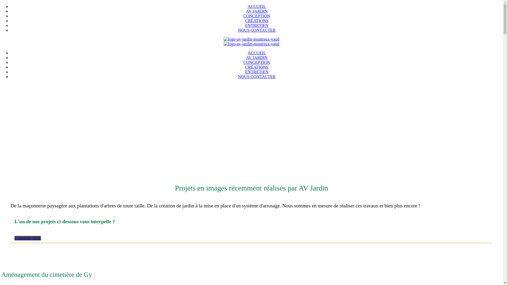 The height and width of the screenshot is (285, 507). I want to click on 'NOUS CONTACTER', so click(256, 77).